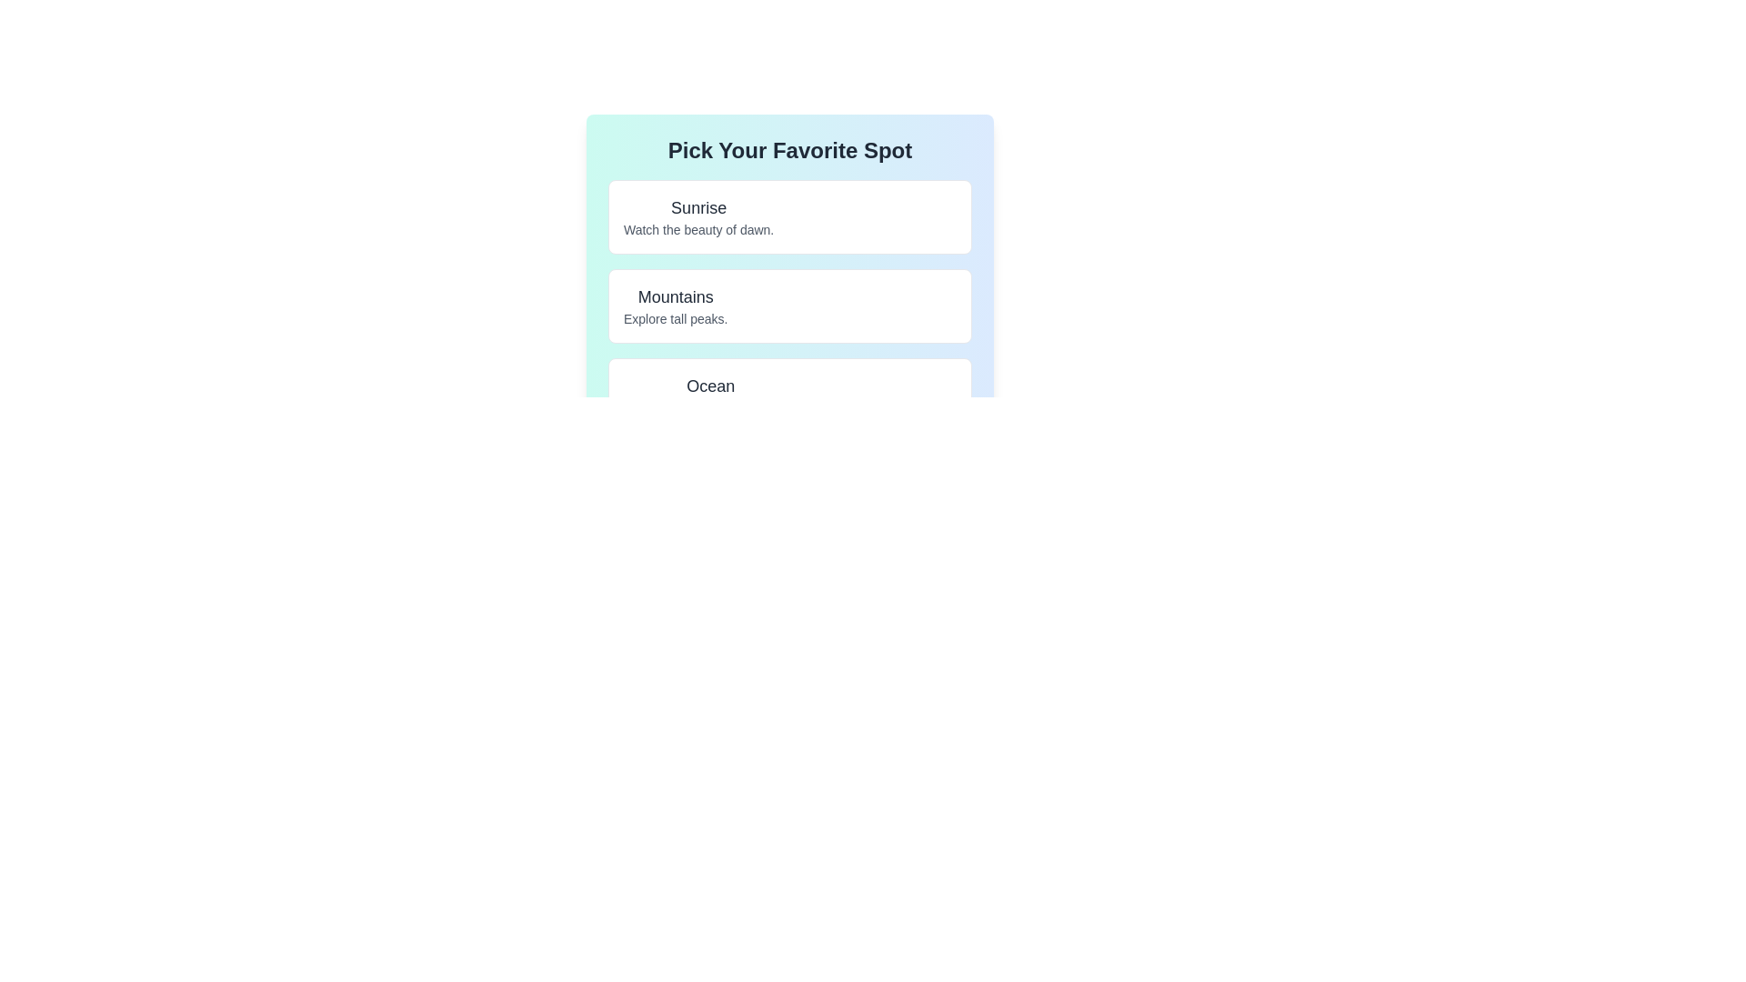  I want to click on the text element that serves as a label or title for content related to 'Mountains', located centrally in the second rectangular section between 'Sunrise' and 'Ocean', so click(675, 296).